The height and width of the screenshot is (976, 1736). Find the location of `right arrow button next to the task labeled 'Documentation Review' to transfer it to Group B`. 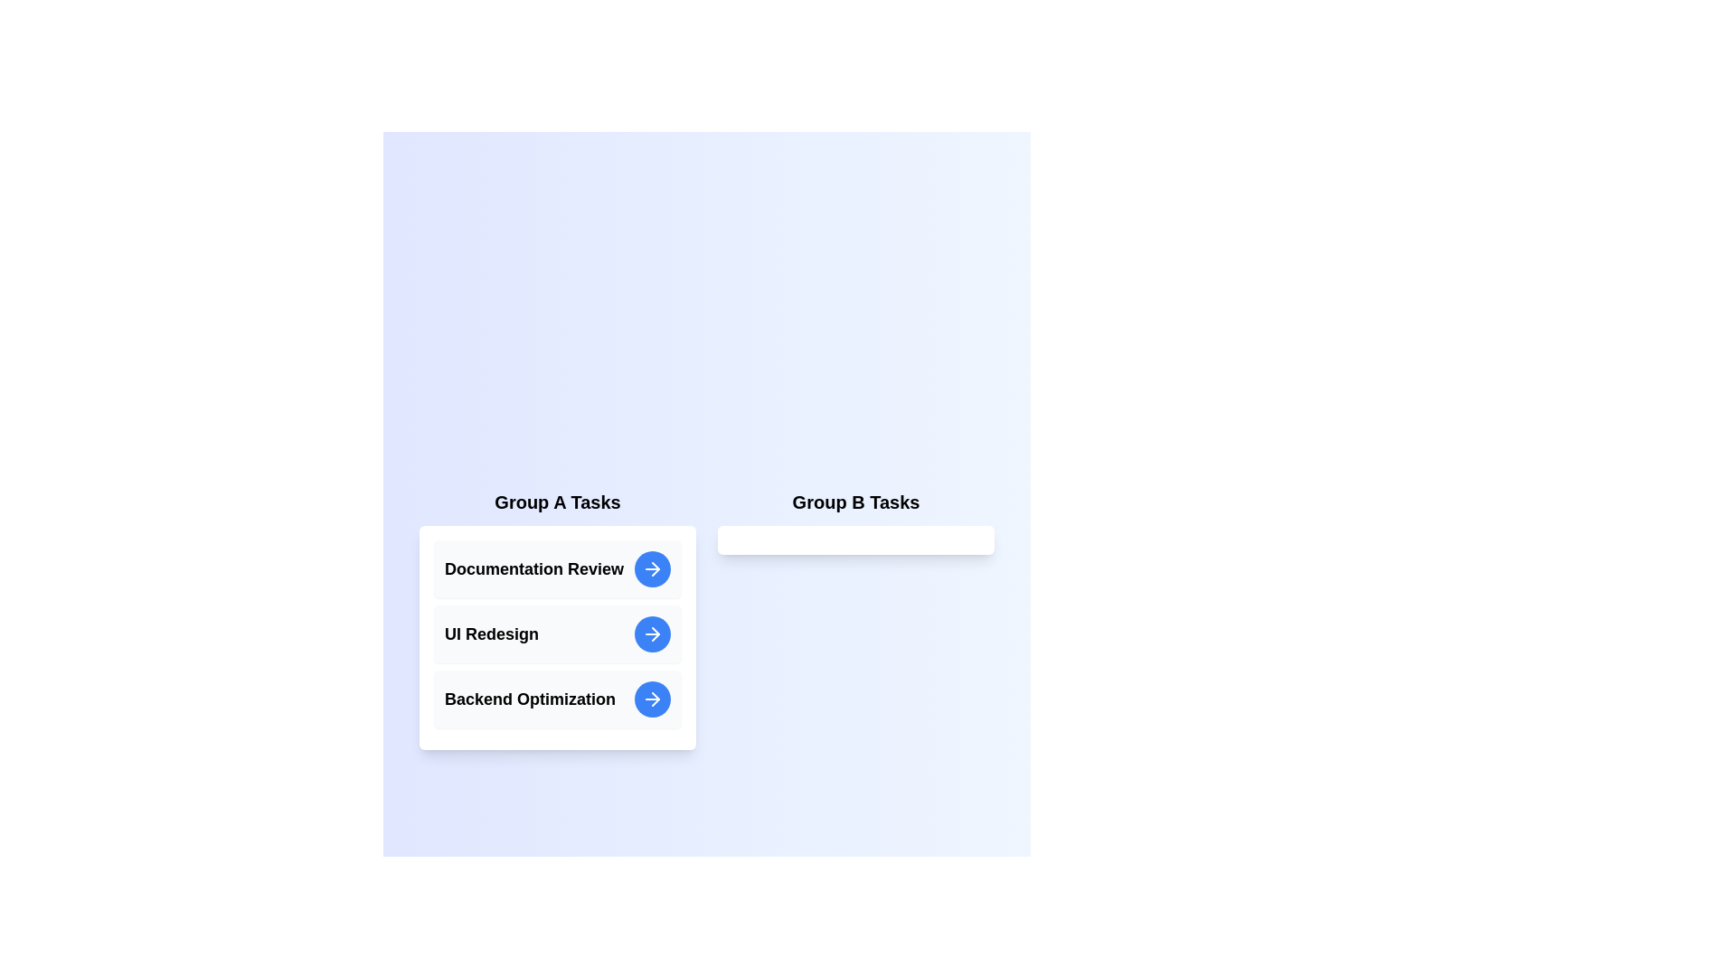

right arrow button next to the task labeled 'Documentation Review' to transfer it to Group B is located at coordinates (651, 568).